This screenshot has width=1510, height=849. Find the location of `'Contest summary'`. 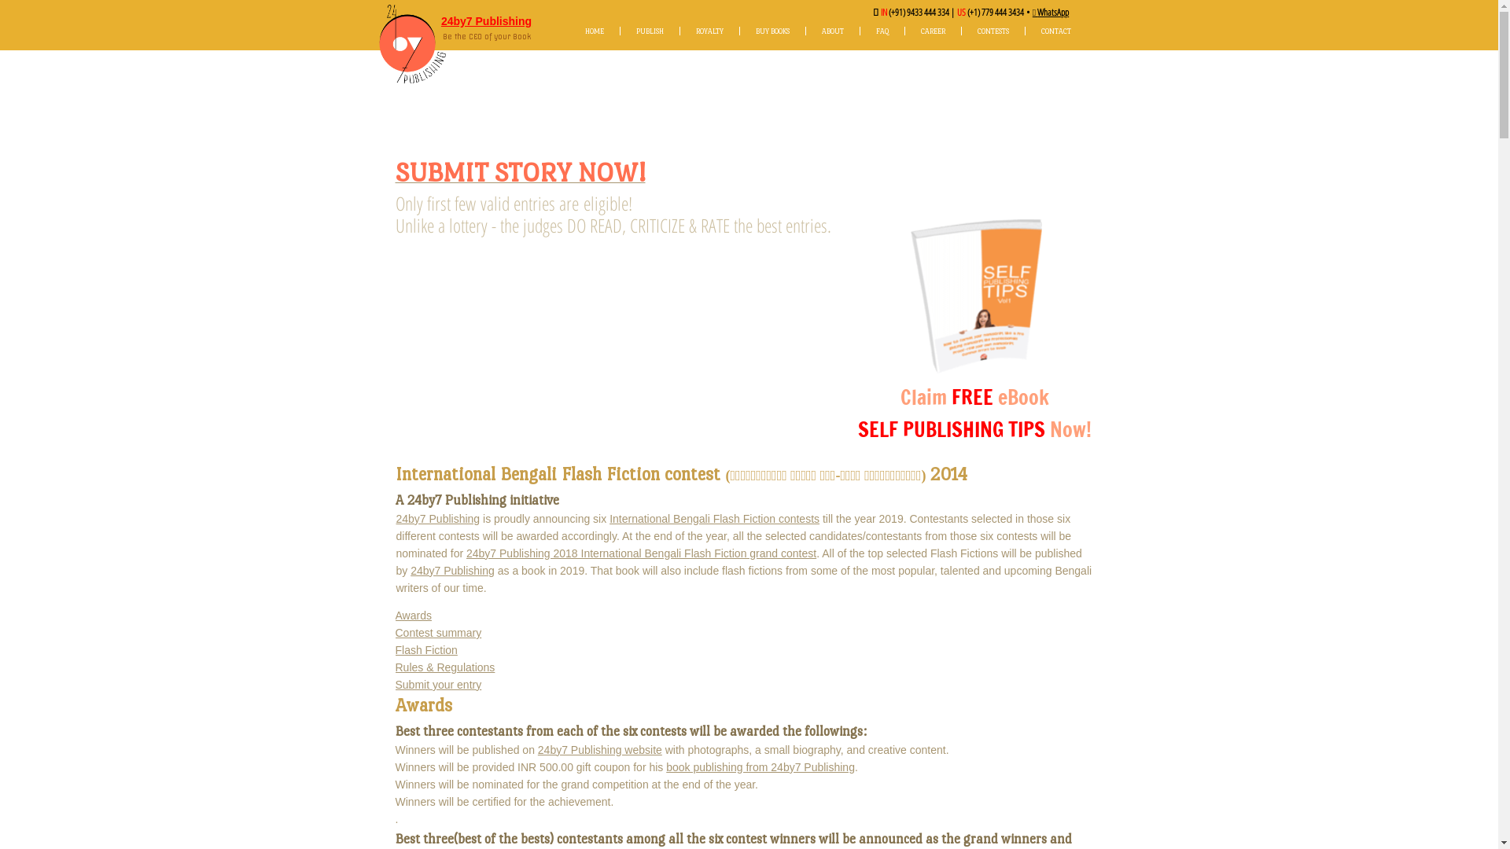

'Contest summary' is located at coordinates (437, 632).